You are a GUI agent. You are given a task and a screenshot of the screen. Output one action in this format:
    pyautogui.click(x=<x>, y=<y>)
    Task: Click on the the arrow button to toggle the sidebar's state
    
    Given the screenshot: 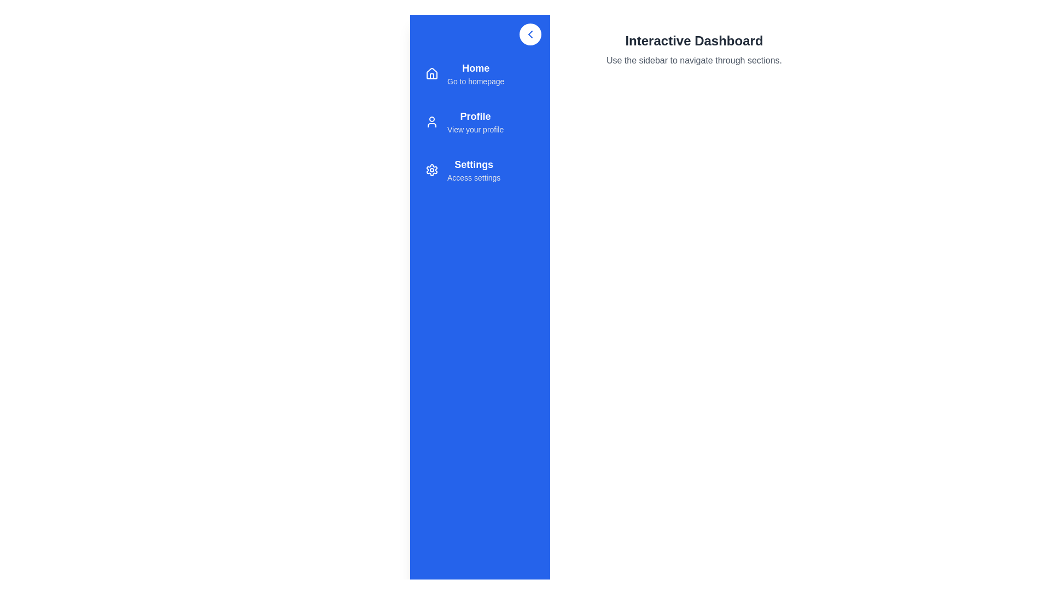 What is the action you would take?
    pyautogui.click(x=530, y=33)
    